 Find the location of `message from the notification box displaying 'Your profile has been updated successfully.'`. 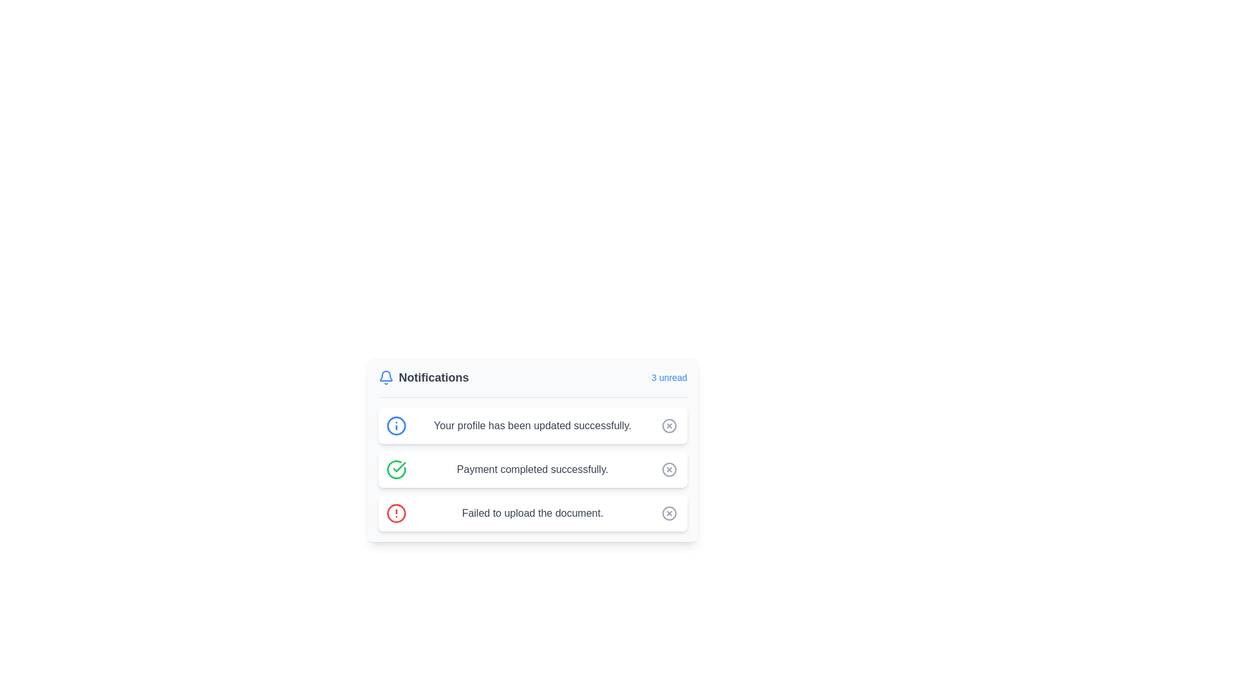

message from the notification box displaying 'Your profile has been updated successfully.' is located at coordinates (532, 426).